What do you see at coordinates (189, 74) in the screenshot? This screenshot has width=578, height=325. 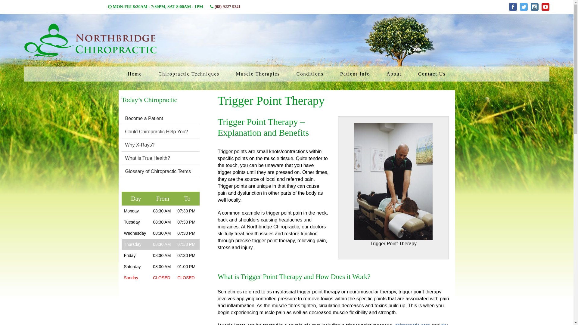 I see `'Chiropractic Techniques'` at bounding box center [189, 74].